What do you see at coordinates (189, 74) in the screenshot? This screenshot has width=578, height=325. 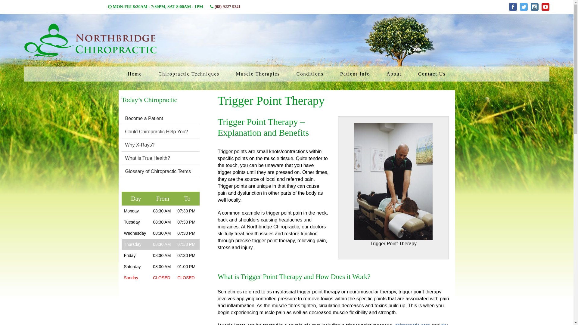 I see `'Chiropractic Techniques'` at bounding box center [189, 74].